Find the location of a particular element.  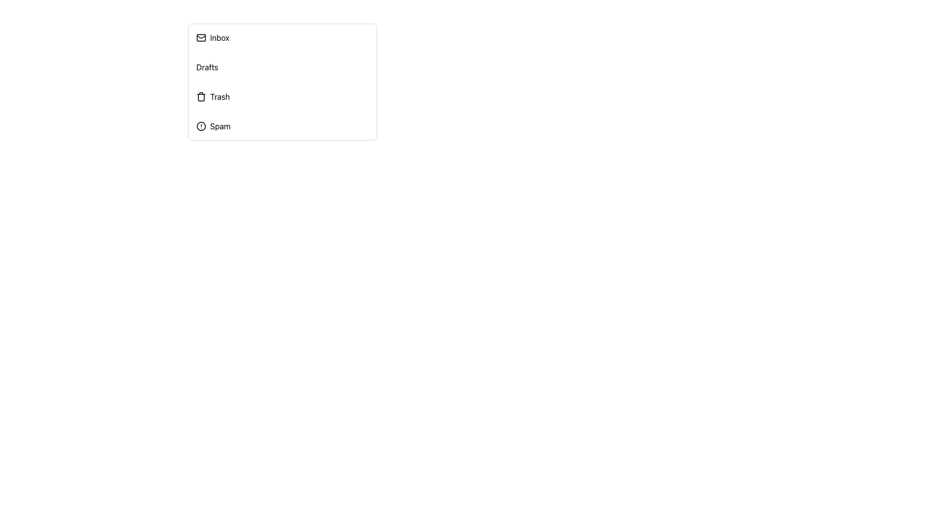

the circular shape vector graphic that emphasizes the 'Spam' option, located within the SVG component of the alert icon is located at coordinates (200, 126).